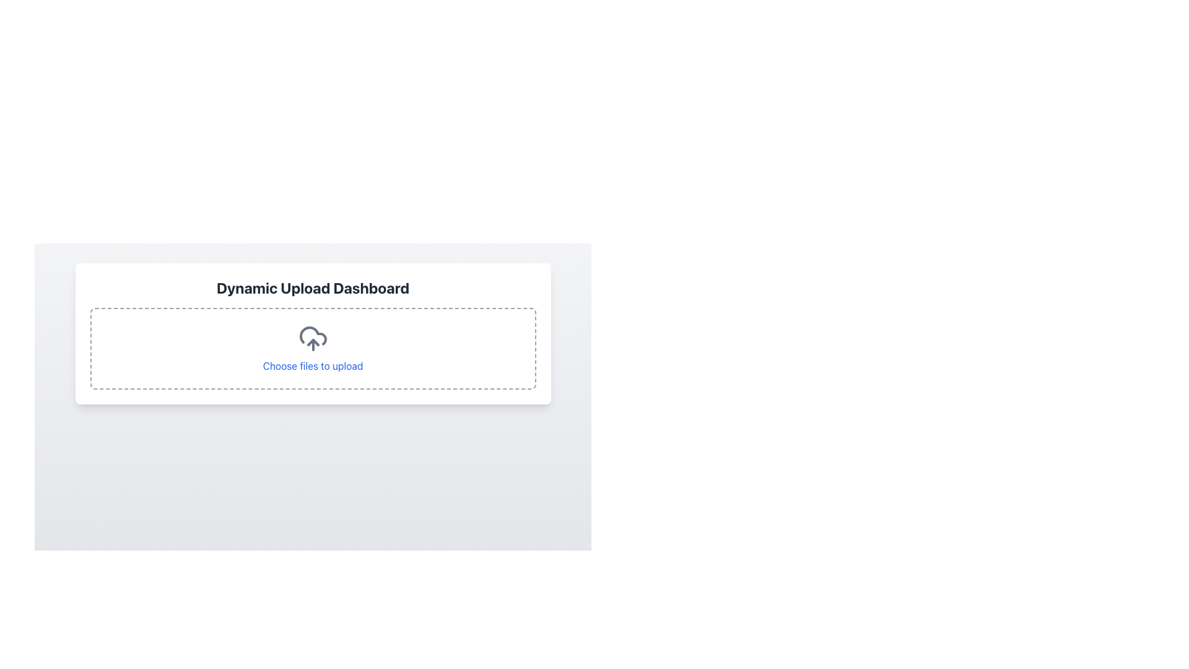 This screenshot has height=669, width=1189. I want to click on the File upload interface section that contains the text 'Dynamic Upload Dashboard' and the dashed-border box with the upload icon and text 'Choose files to upload', so click(313, 333).